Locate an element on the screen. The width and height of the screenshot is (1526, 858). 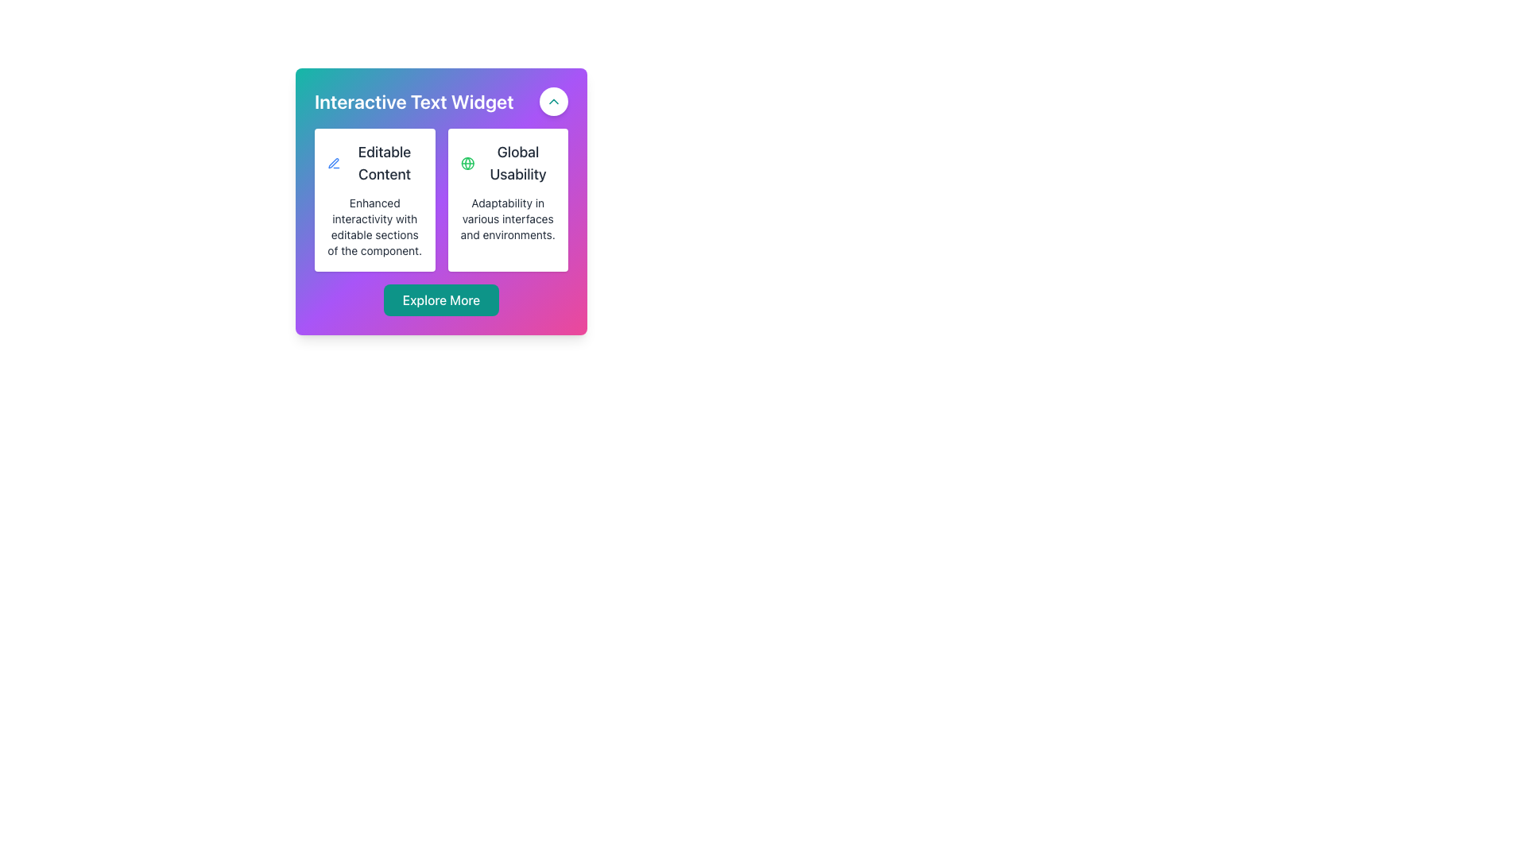
the teal chevron-up icon inside the rounded button in the top-right corner of the 'Interactive Text Widget' card is located at coordinates (553, 101).